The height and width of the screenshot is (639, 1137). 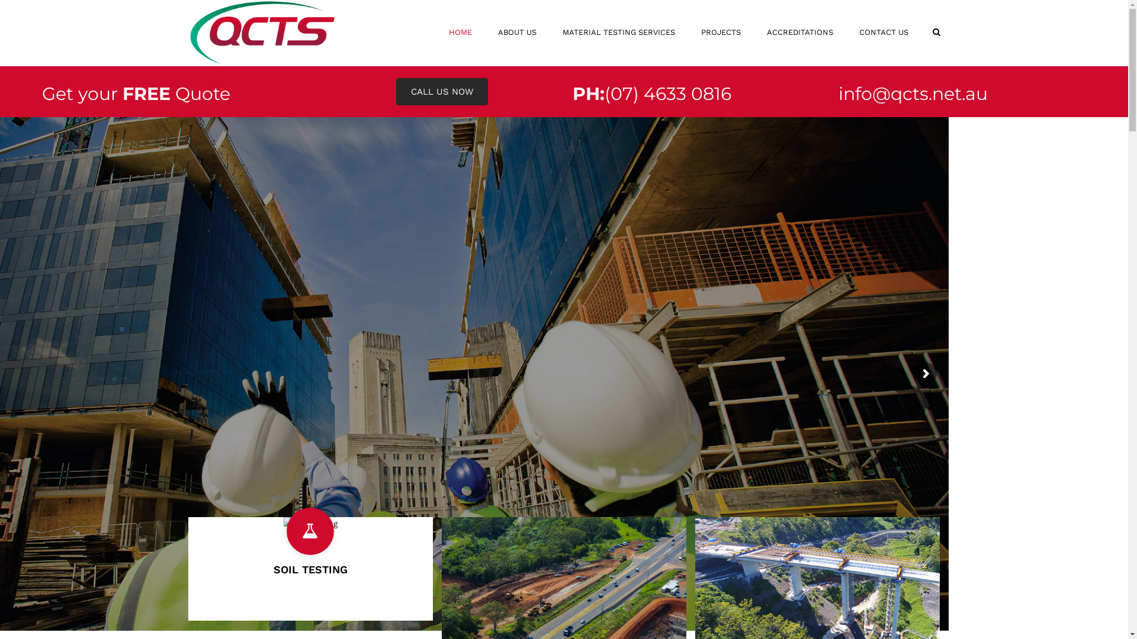 What do you see at coordinates (883, 31) in the screenshot?
I see `'CONTACT US'` at bounding box center [883, 31].